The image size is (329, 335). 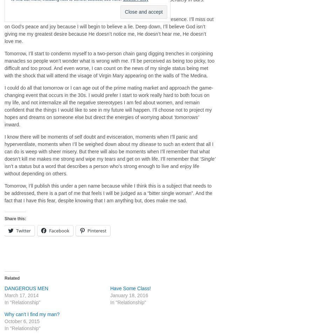 I want to click on 'Share this:', so click(x=15, y=218).